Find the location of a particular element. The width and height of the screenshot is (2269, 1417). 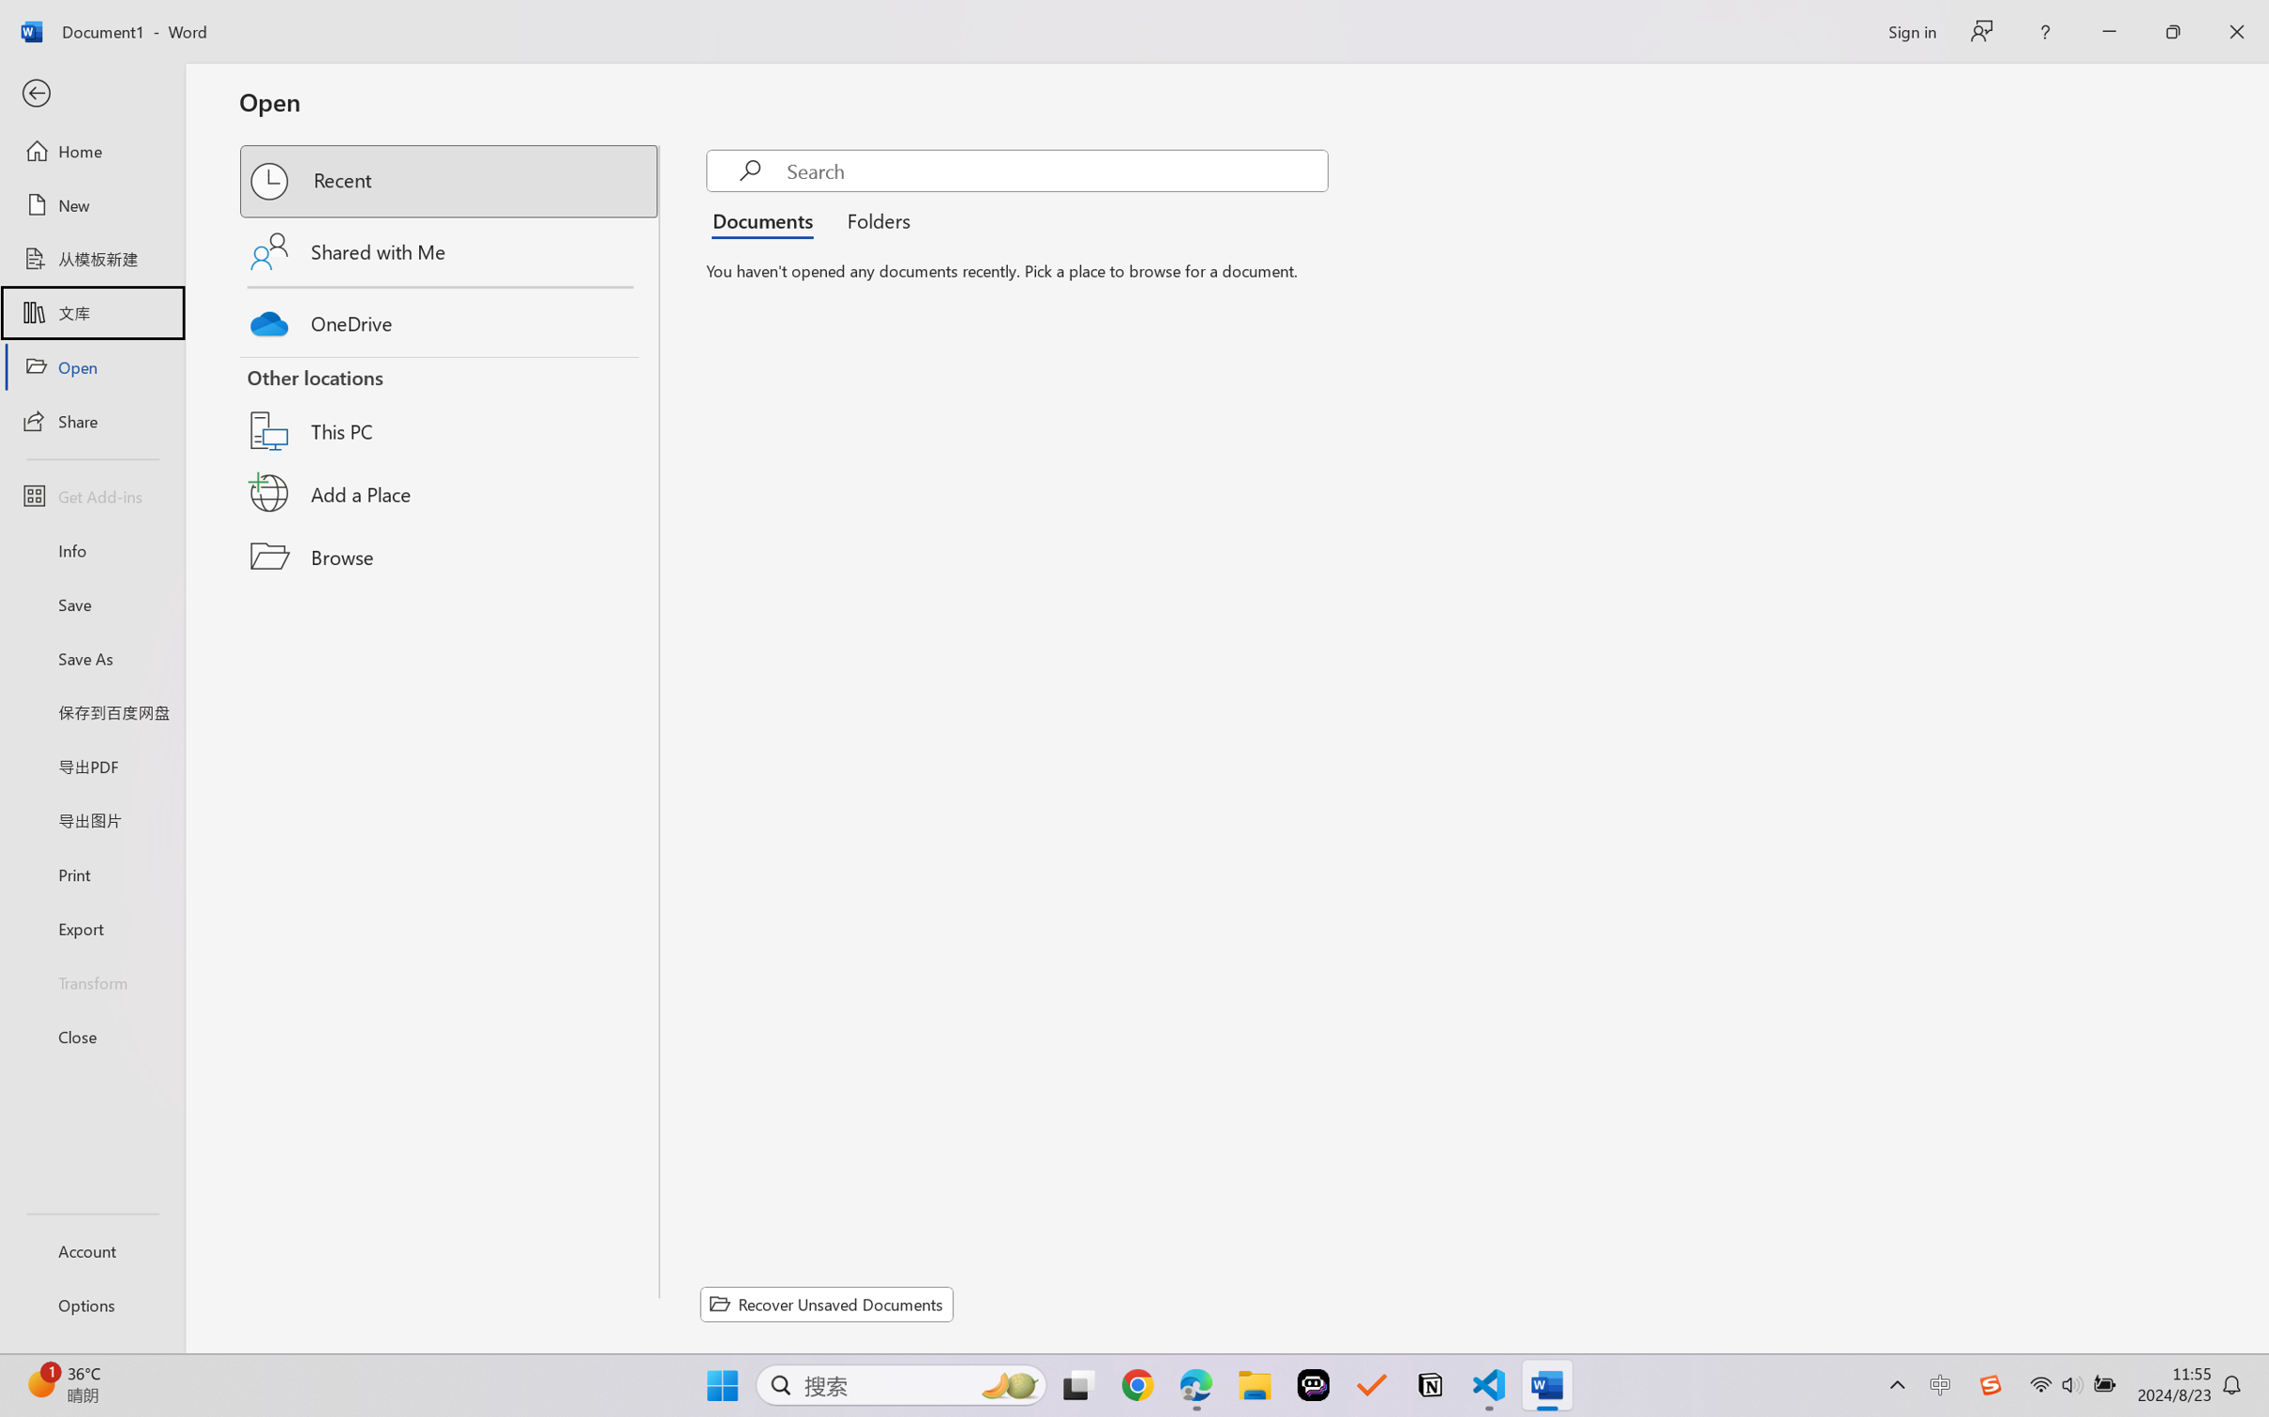

'Documents' is located at coordinates (767, 218).